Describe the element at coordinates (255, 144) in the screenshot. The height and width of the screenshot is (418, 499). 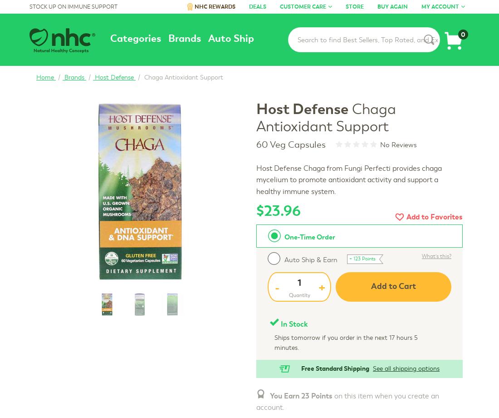
I see `'60 Veg Capsules'` at that location.